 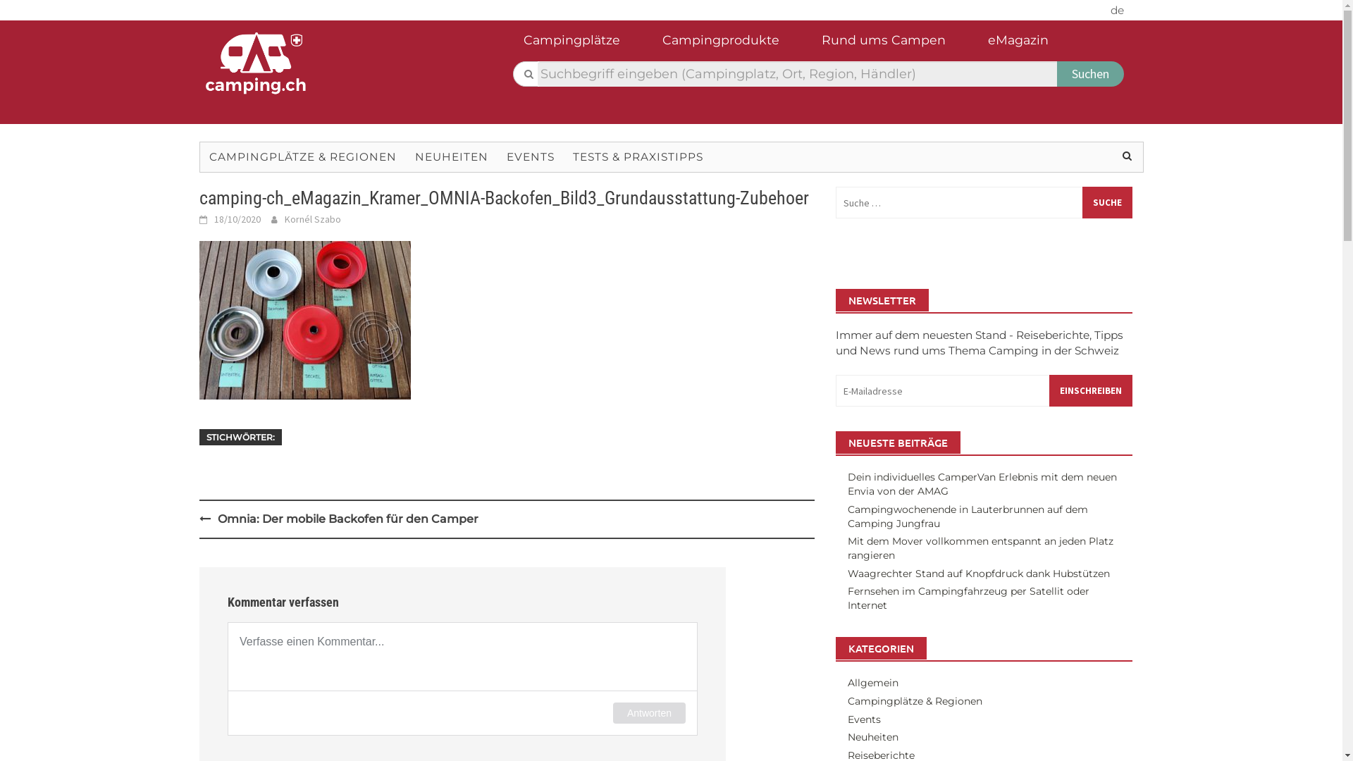 I want to click on 'TESTS & PRAXISTIPPS', so click(x=637, y=157).